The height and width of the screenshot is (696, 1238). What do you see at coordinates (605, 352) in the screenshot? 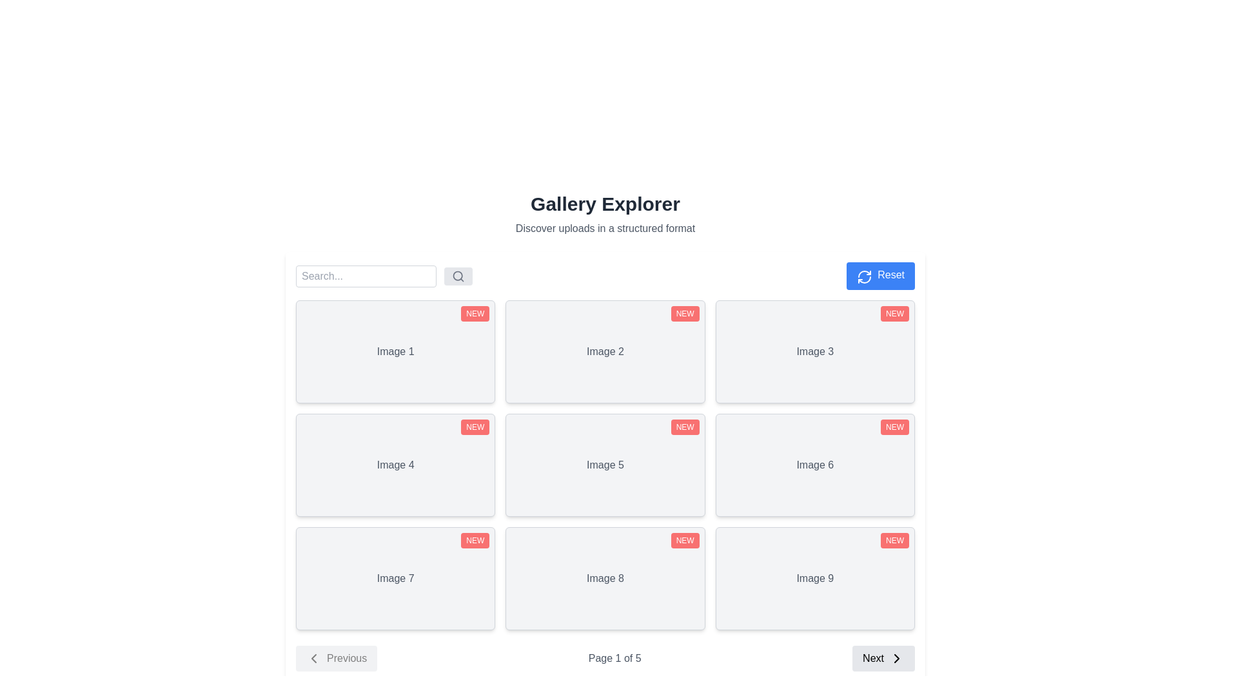
I see `text label associated with the card labeled 'Image 2', which is located in the second column of the first row in a 3x3 grid layout` at bounding box center [605, 352].